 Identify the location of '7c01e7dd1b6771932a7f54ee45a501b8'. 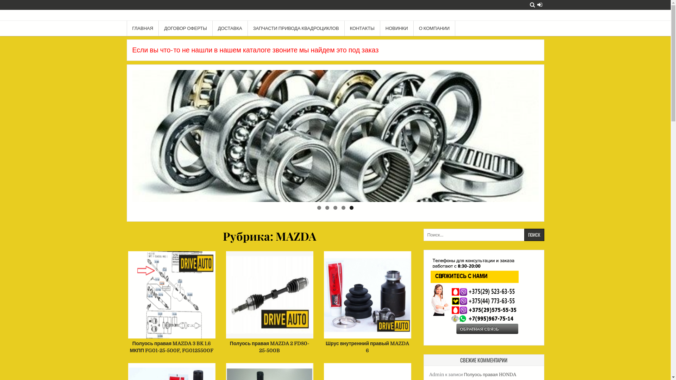
(335, 136).